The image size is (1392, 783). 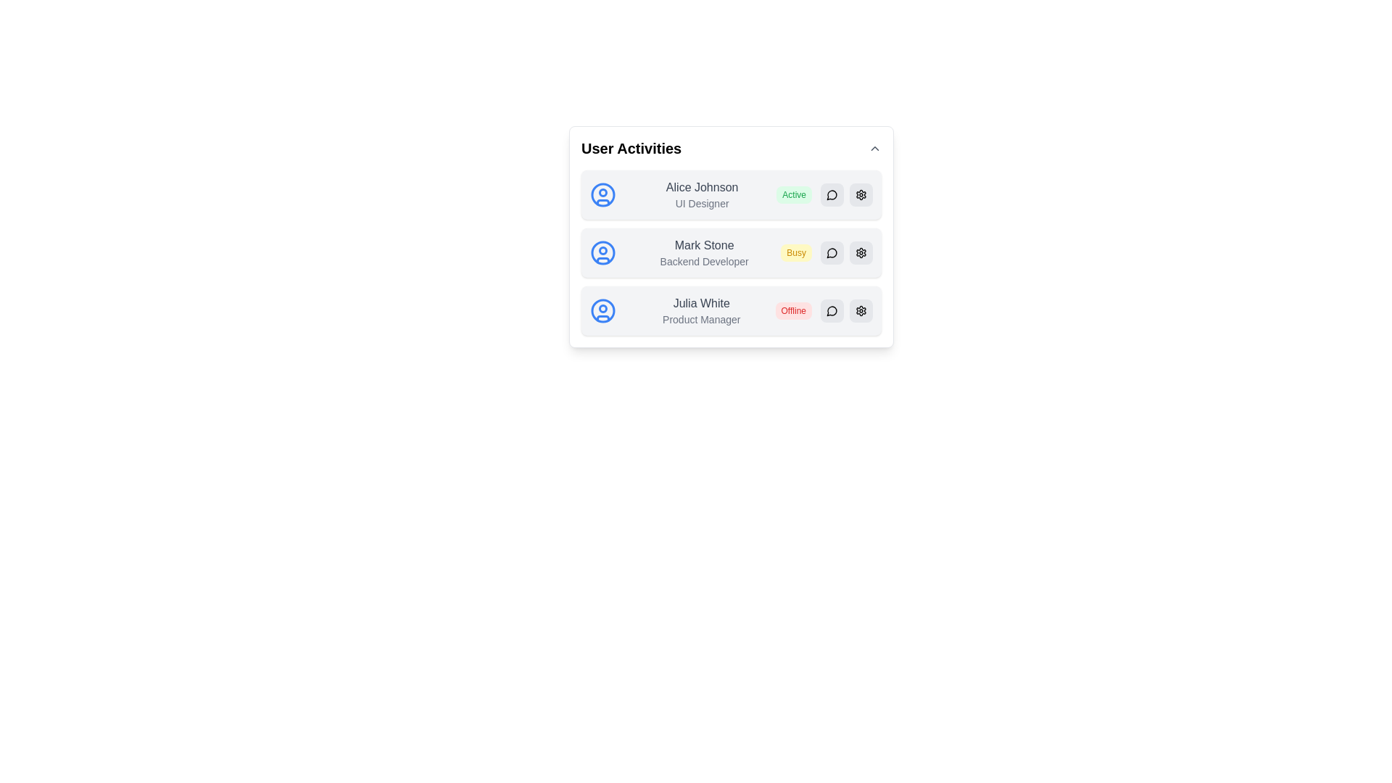 What do you see at coordinates (861, 310) in the screenshot?
I see `the settings gear icon located to the far right of the user ‘Mark Stone’ interface` at bounding box center [861, 310].